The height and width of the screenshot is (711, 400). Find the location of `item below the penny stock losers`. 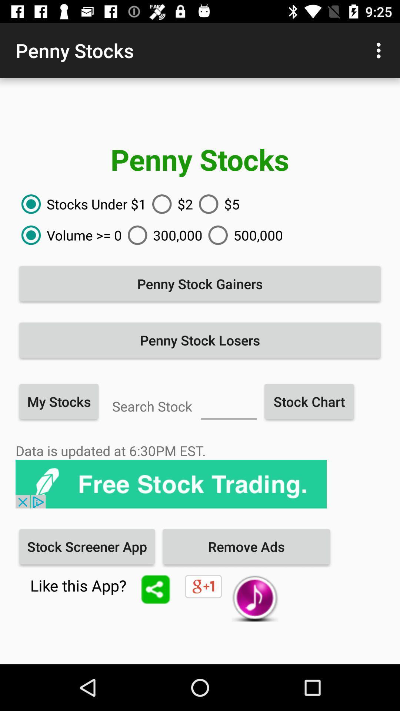

item below the penny stock losers is located at coordinates (59, 401).